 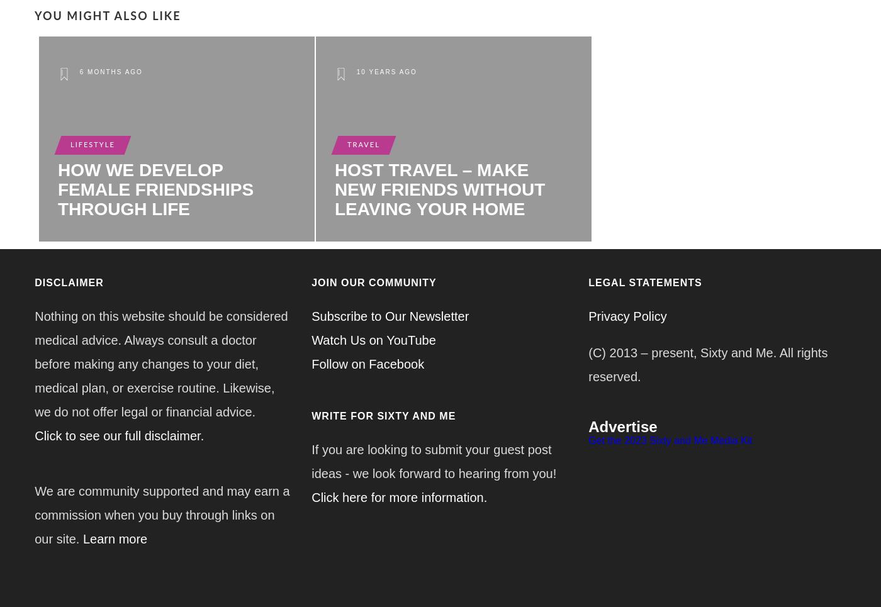 What do you see at coordinates (155, 188) in the screenshot?
I see `'How We Develop Female Friendships Through Life'` at bounding box center [155, 188].